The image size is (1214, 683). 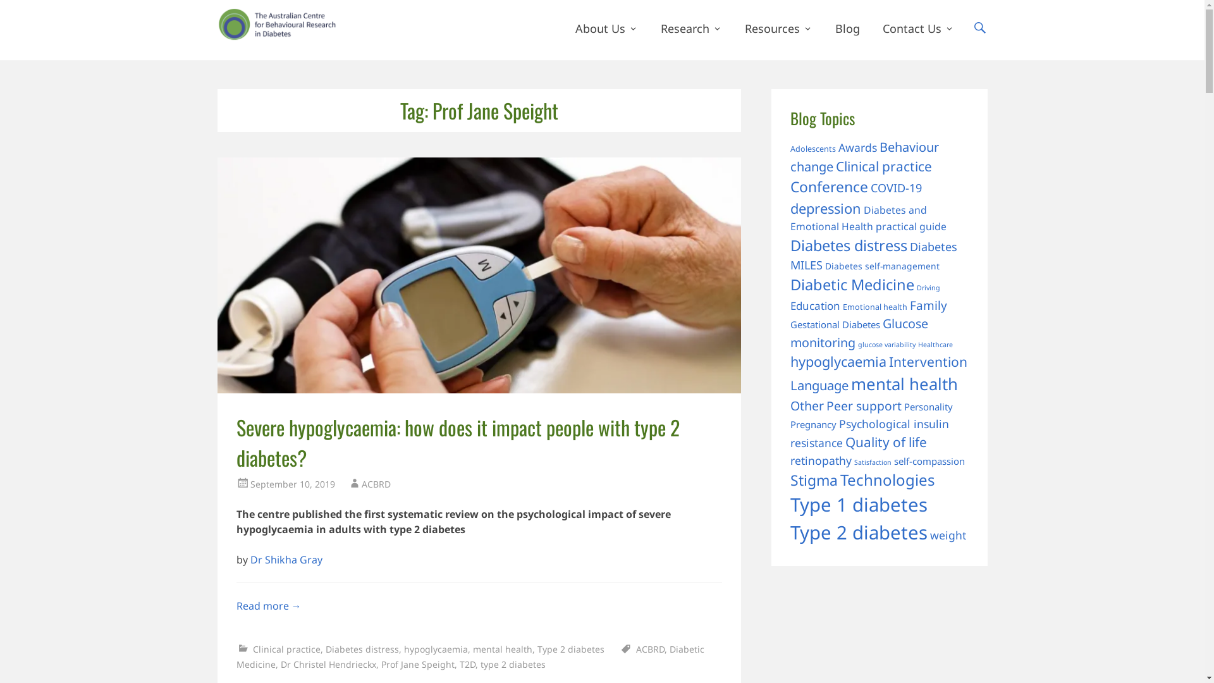 What do you see at coordinates (874, 307) in the screenshot?
I see `'Emotional health'` at bounding box center [874, 307].